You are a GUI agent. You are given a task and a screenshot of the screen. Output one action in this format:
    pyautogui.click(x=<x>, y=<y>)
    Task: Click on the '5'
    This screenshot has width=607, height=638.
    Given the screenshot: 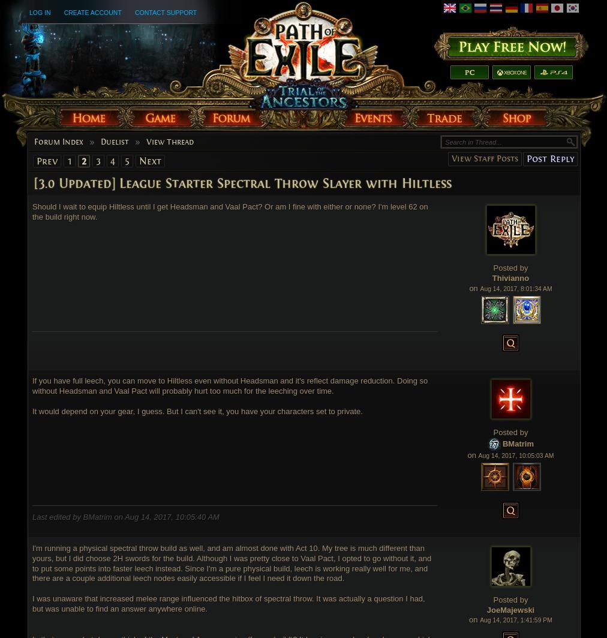 What is the action you would take?
    pyautogui.click(x=124, y=160)
    